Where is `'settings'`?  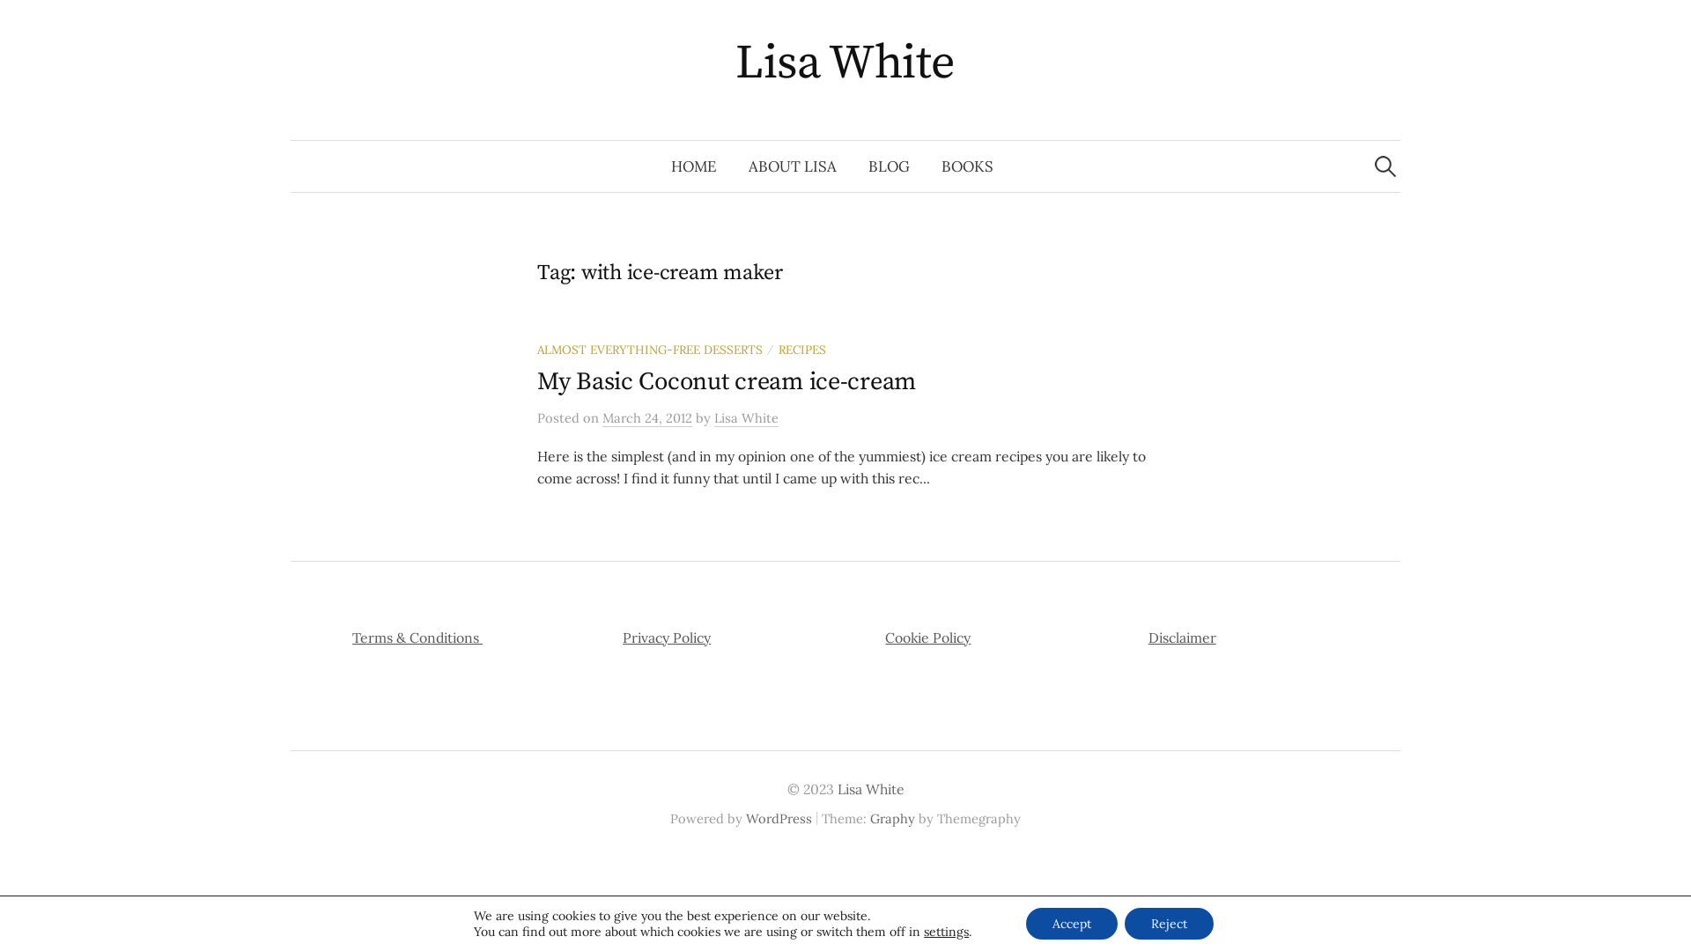
'settings' is located at coordinates (945, 930).